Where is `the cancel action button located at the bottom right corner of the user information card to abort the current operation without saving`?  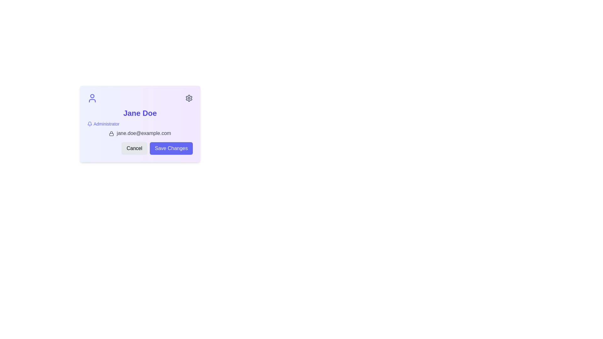 the cancel action button located at the bottom right corner of the user information card to abort the current operation without saving is located at coordinates (140, 148).